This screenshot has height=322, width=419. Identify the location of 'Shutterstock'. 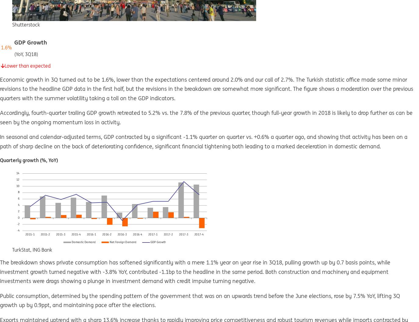
(26, 24).